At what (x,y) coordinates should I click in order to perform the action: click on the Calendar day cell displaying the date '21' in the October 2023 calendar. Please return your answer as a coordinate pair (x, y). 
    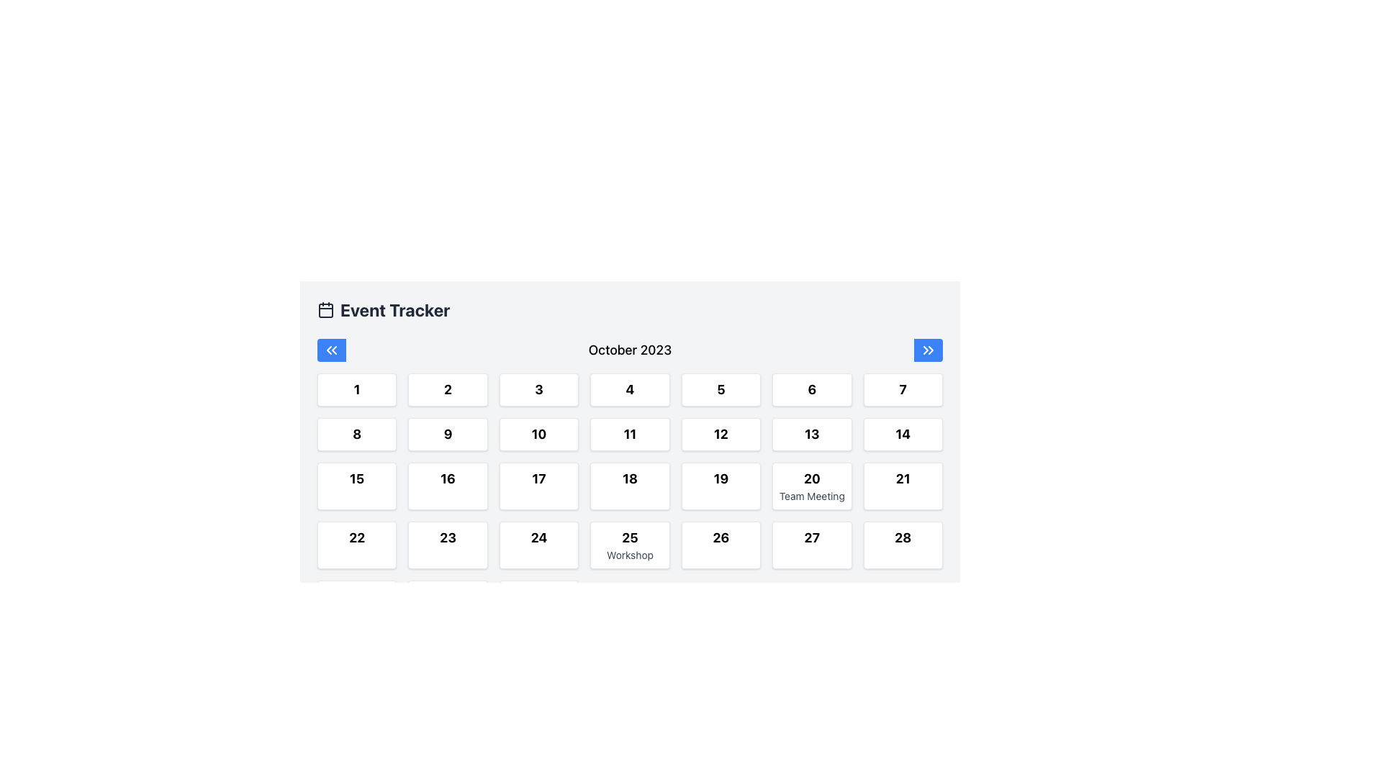
    Looking at the image, I should click on (902, 486).